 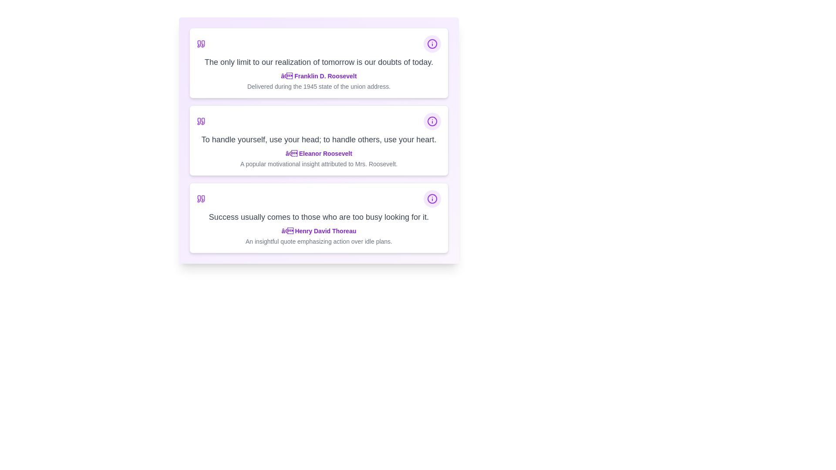 What do you see at coordinates (318, 81) in the screenshot?
I see `the text element that displays a purple bold small text saying "â€” Franklin D. Roosevelt." and a gray smaller text stating "Delivered during the 1945 state of the union address." This element is positioned below a quote in the first card of a vertically stacked layout` at bounding box center [318, 81].